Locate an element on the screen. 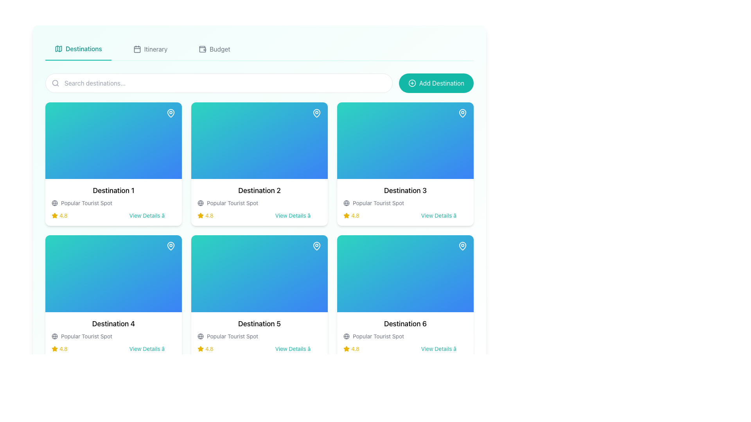  the text label displaying '4.8' in bold yellow font, which is located at the bottom-left of the 'Destination 3' card, adjacent to a star icon is located at coordinates (355, 216).